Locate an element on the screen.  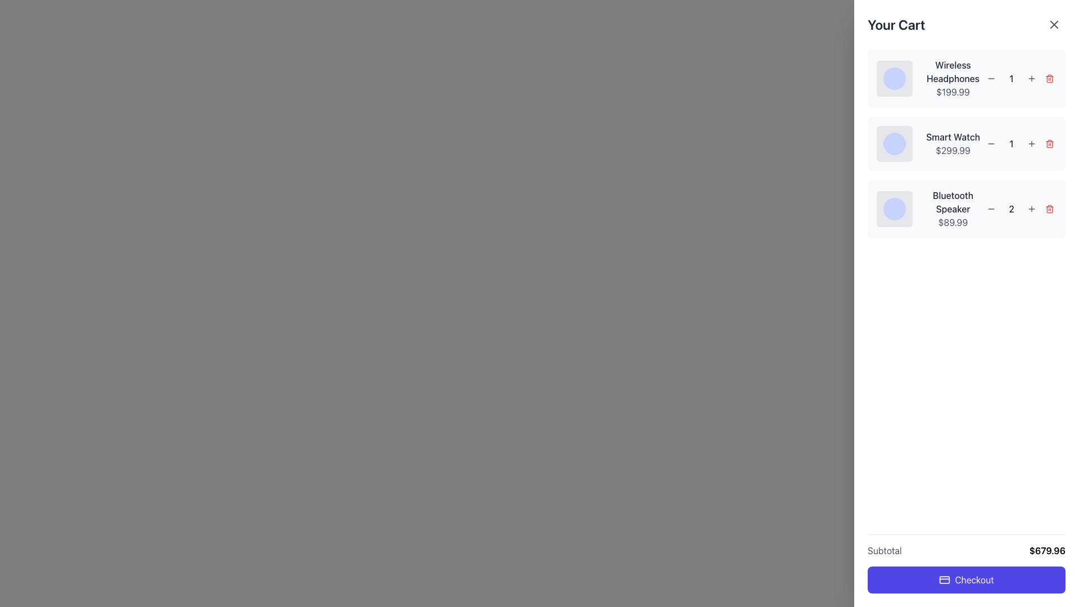
the circular '-' button in the 'Your Cart' section to decrease the quantity of the 'Bluetooth Speaker' item is located at coordinates (991, 209).